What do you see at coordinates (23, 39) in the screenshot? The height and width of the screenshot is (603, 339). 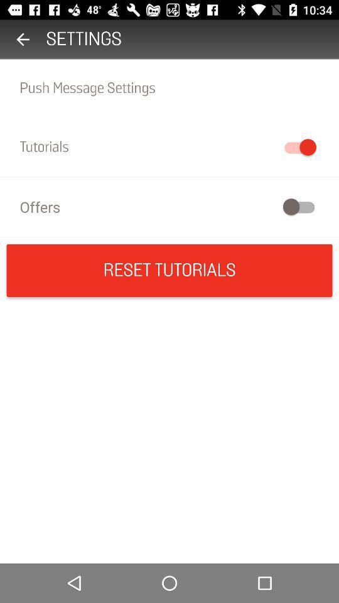 I see `the item above push message settings icon` at bounding box center [23, 39].